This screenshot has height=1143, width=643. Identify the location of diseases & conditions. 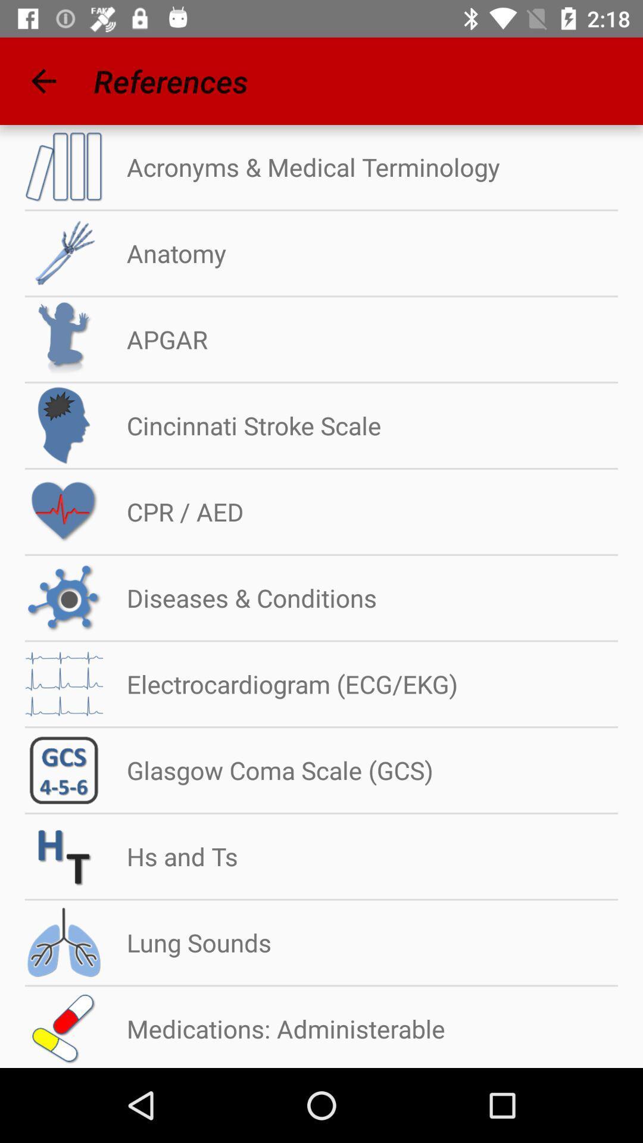
(240, 598).